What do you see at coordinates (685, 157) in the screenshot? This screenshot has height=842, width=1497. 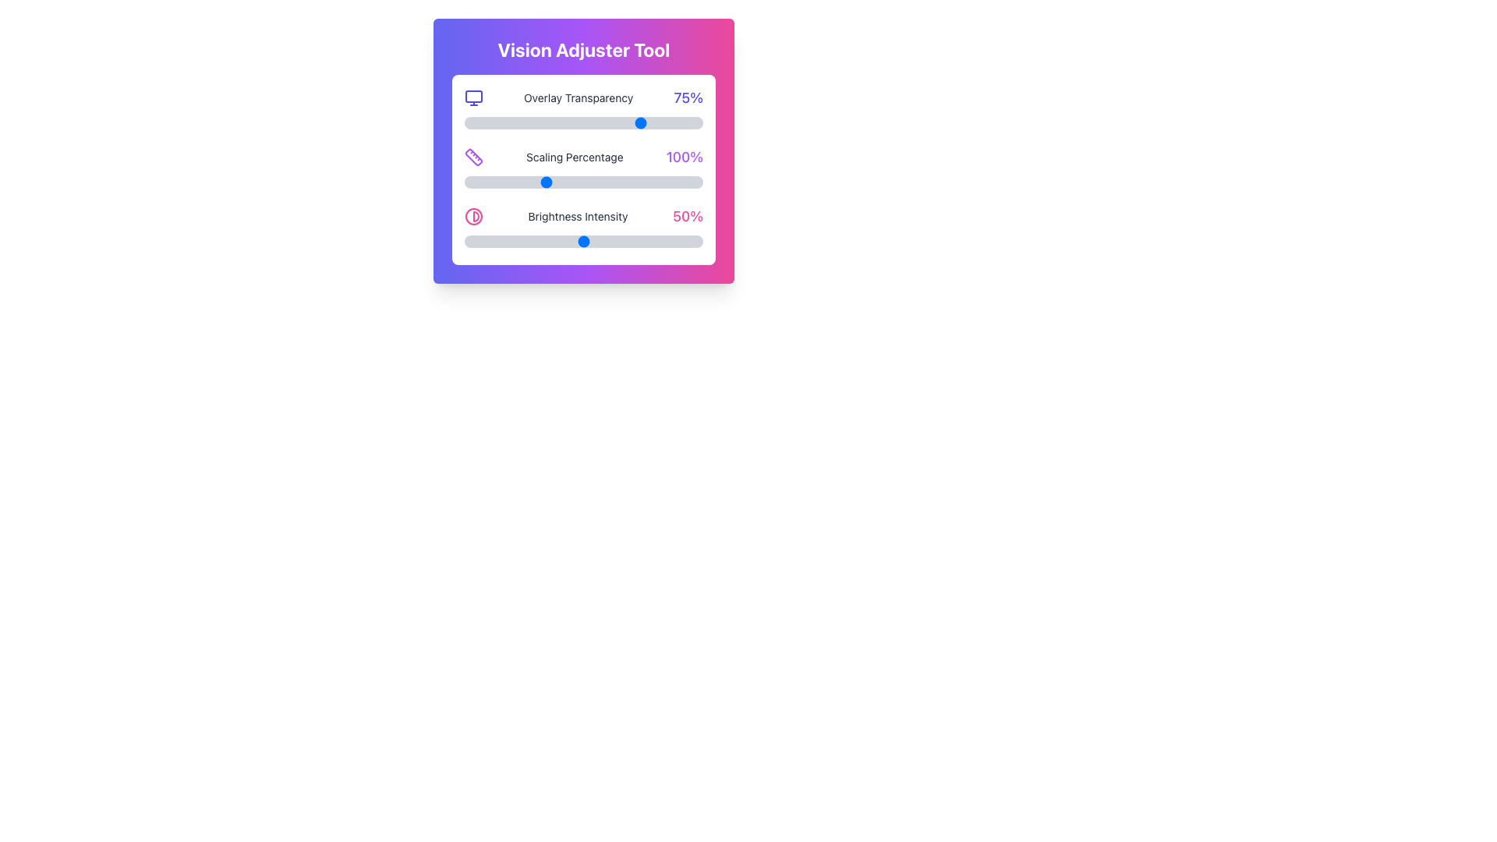 I see `the static text label displaying the current scaling percentage, which is located to the right of the 'Scaling Percentage' text in the 'Vision Adjuster Tool' panel` at bounding box center [685, 157].